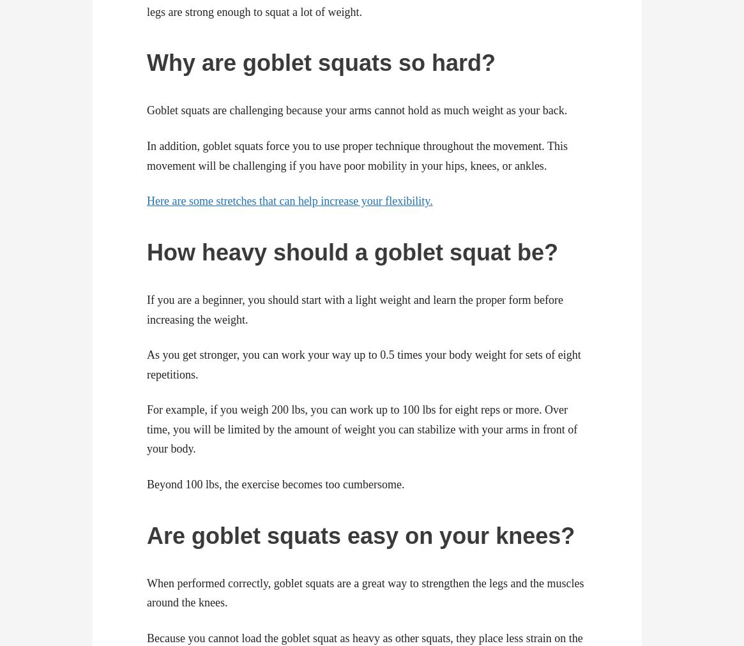  I want to click on 'In addition, goblet squats force you to use proper technique throughout the movement. This movement will be challenging if you have poor mobility in your hips, knees, or ankles.', so click(357, 155).